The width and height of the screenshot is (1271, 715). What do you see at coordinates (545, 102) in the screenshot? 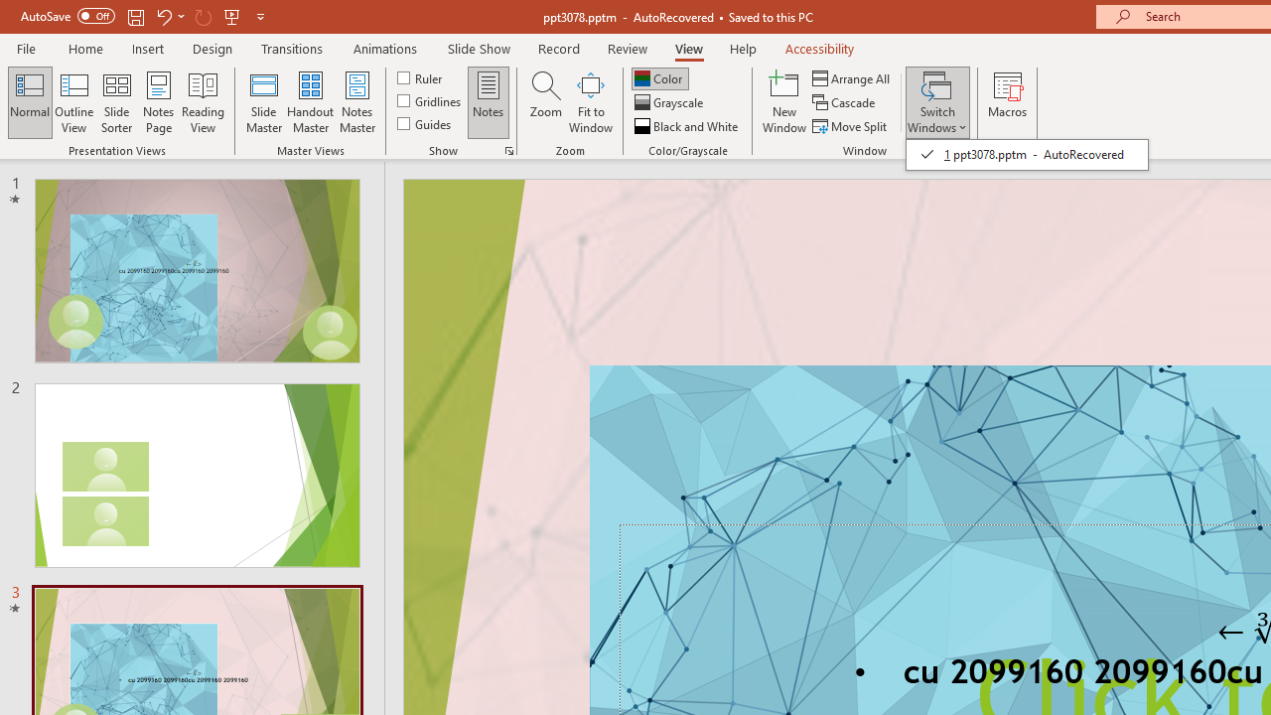
I see `'Zoom...'` at bounding box center [545, 102].